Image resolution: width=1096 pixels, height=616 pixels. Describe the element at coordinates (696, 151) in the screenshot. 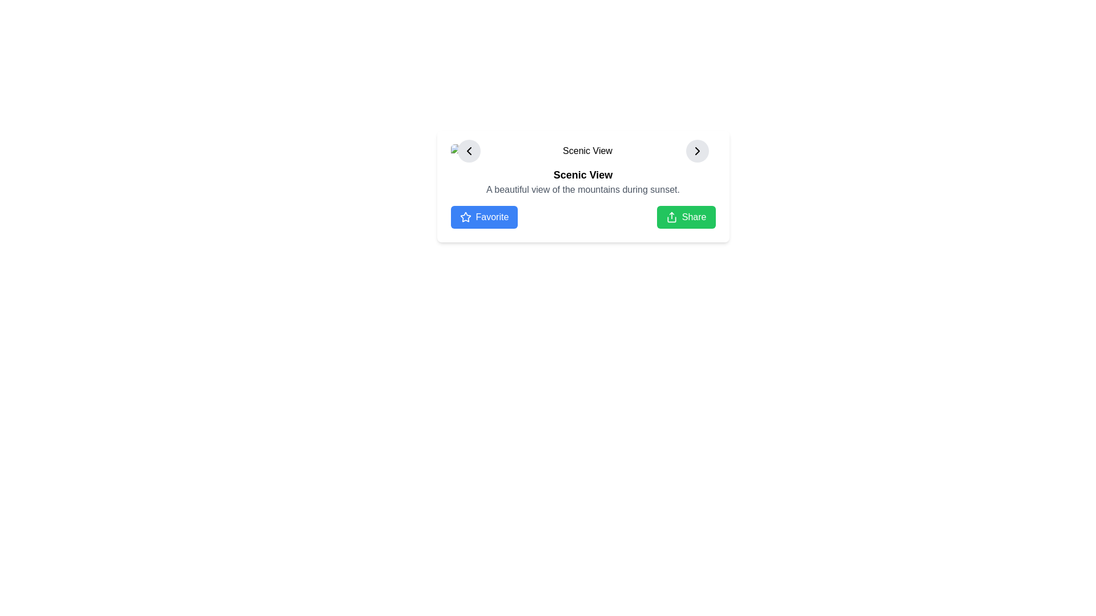

I see `the chevron arrow icon located in the upper-right corner of the card interface` at that location.